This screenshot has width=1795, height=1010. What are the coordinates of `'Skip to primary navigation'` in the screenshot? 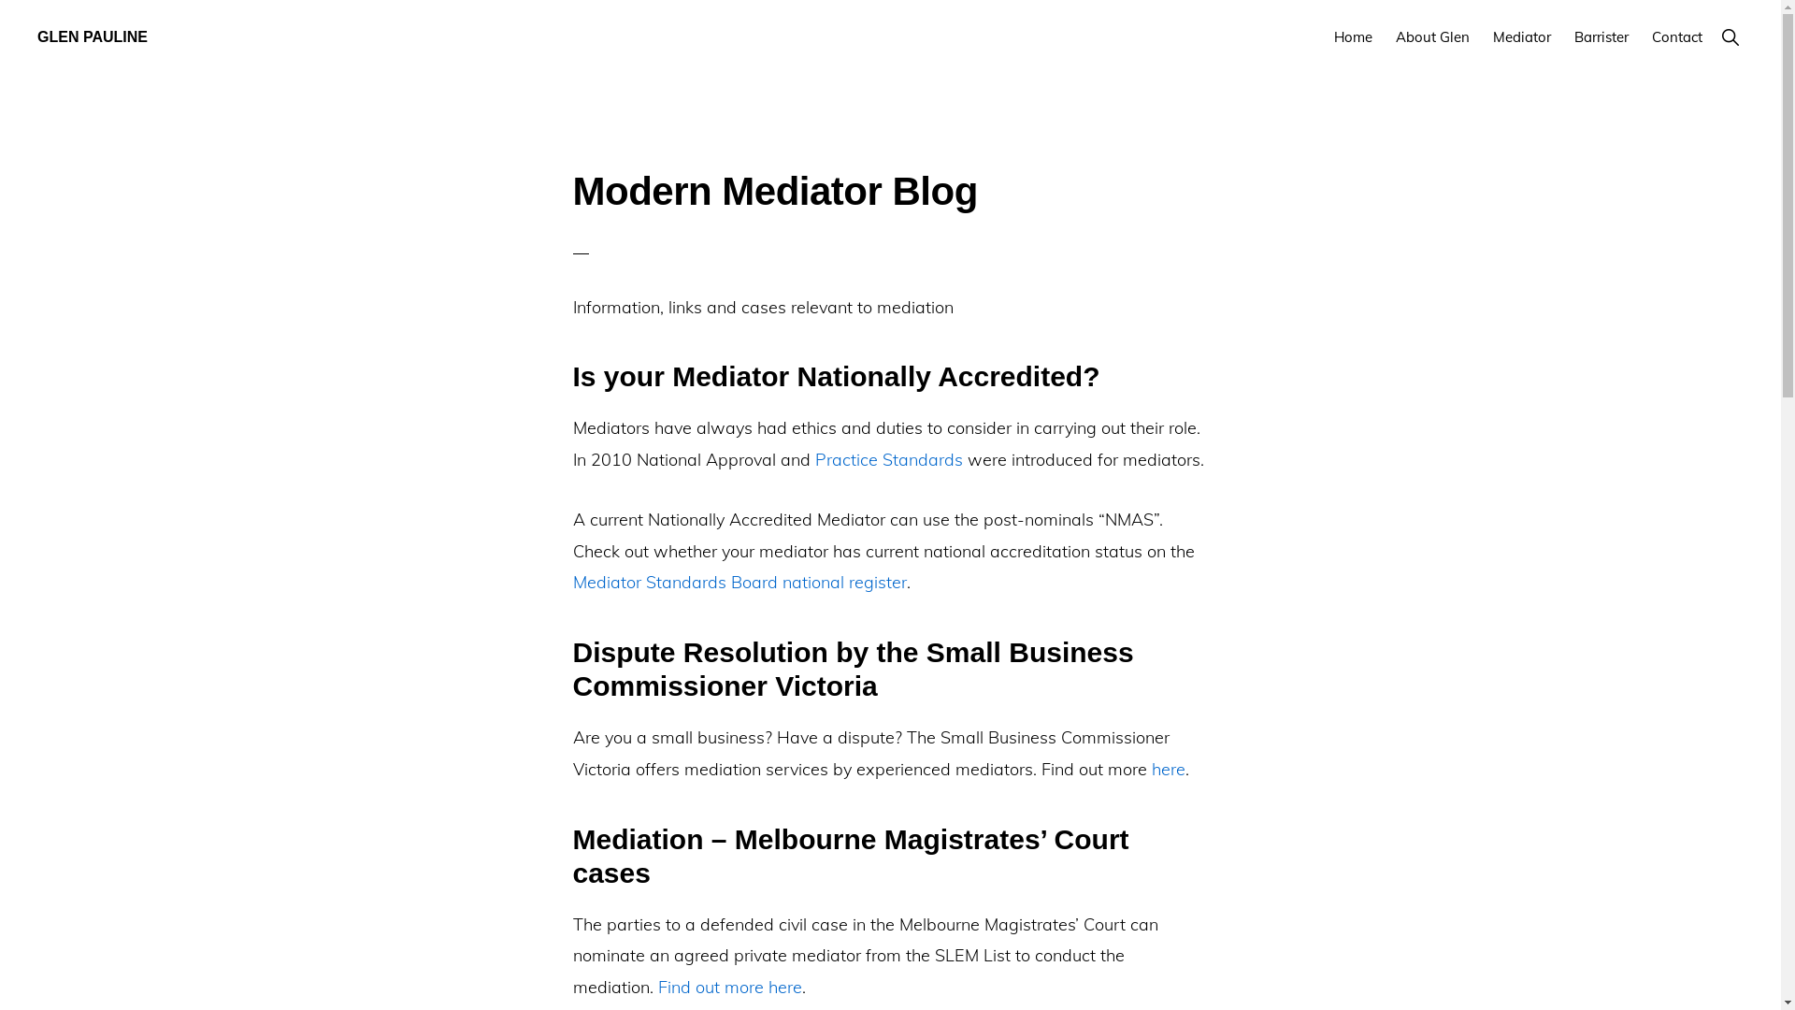 It's located at (0, 0).